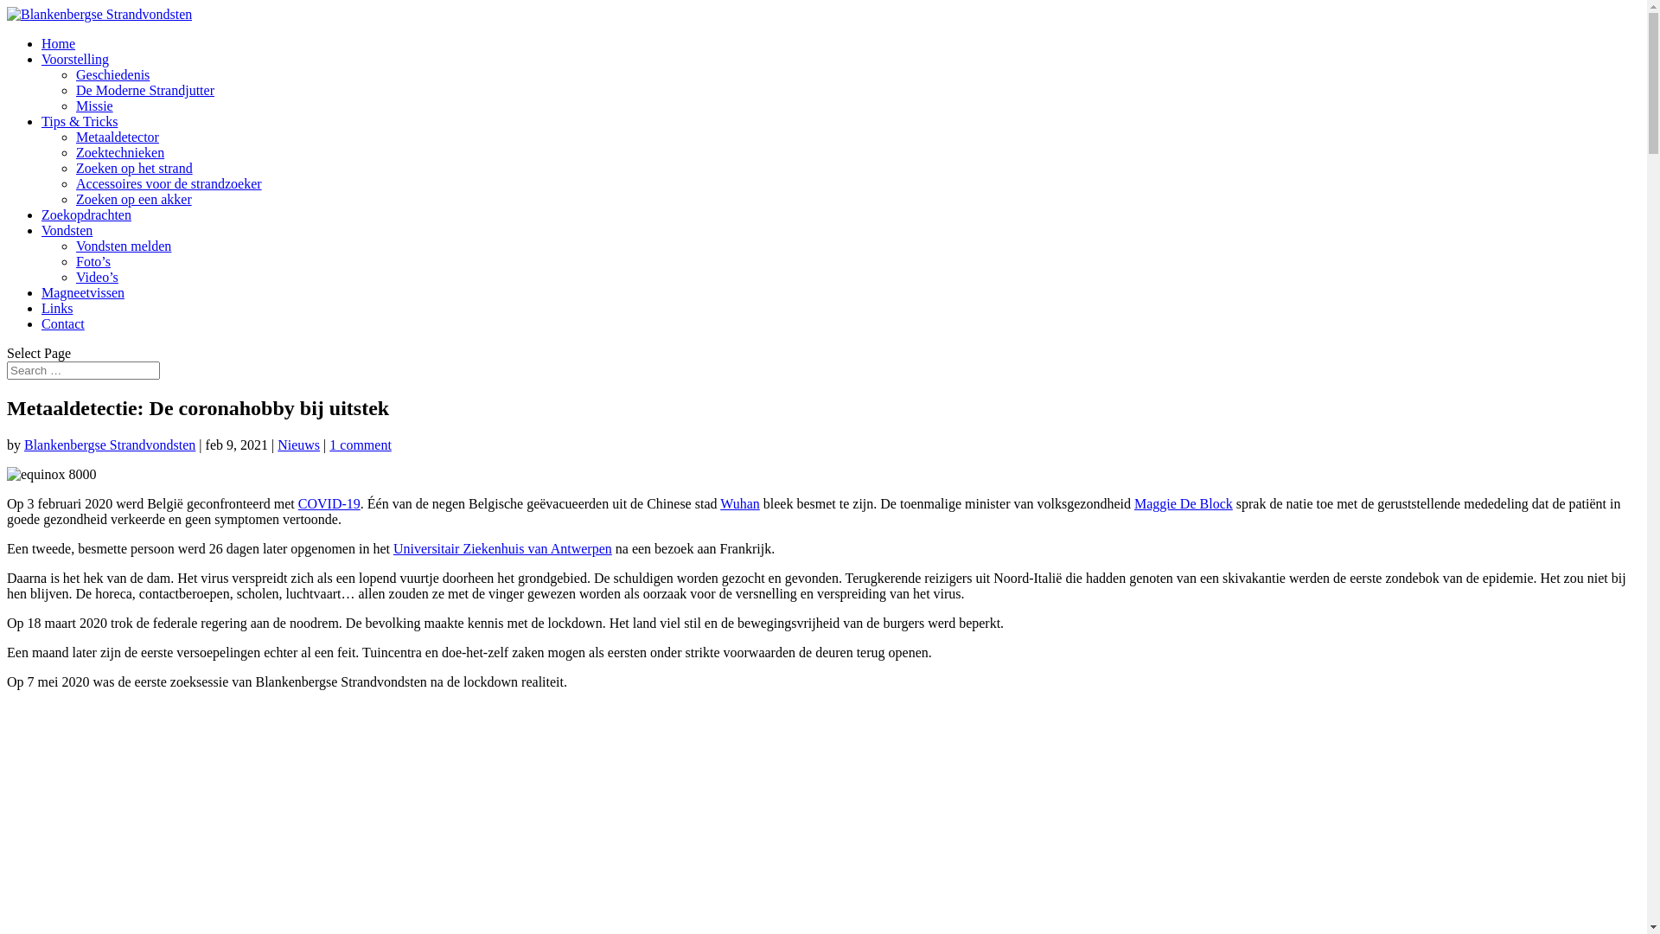  Describe the element at coordinates (132, 198) in the screenshot. I see `'Zoeken op een akker'` at that location.